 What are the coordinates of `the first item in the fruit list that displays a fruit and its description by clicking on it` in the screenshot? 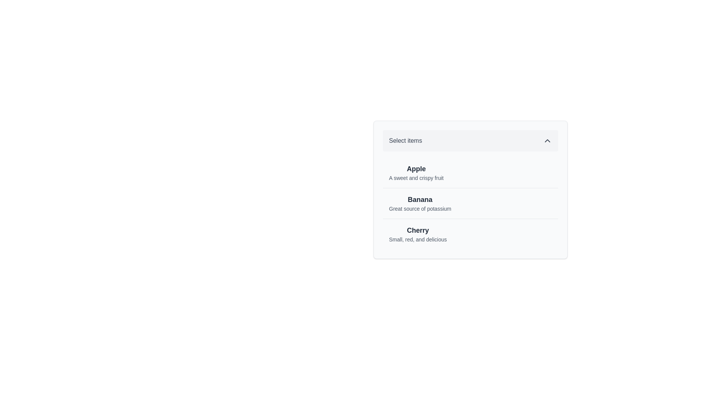 It's located at (470, 173).